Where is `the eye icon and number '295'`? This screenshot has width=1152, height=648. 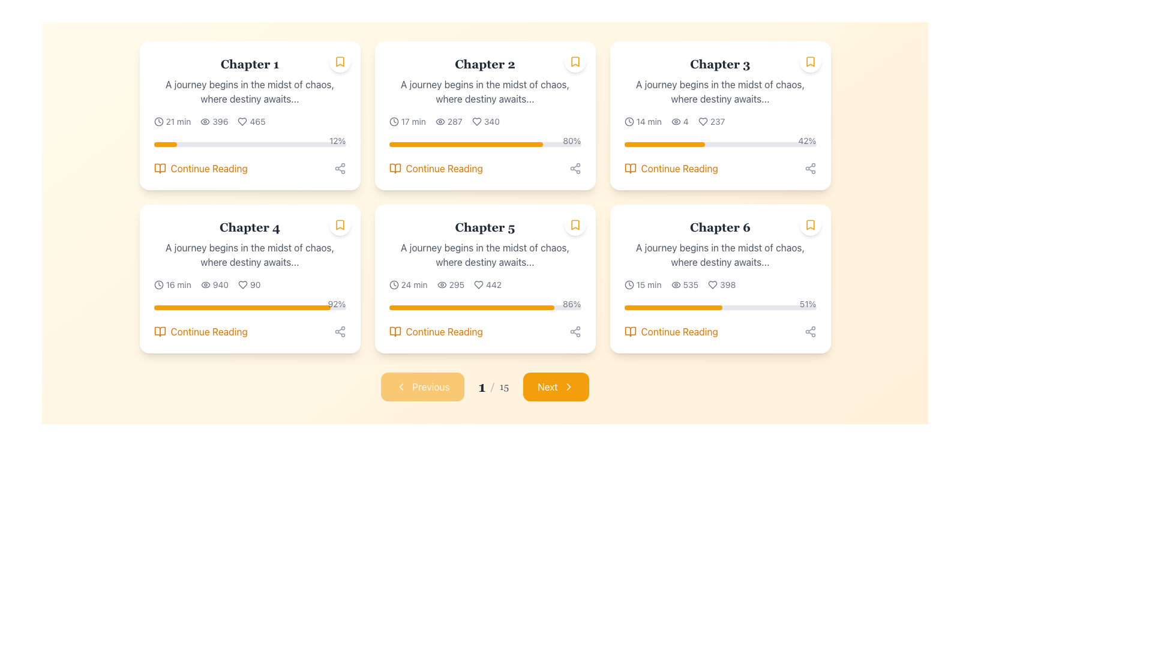
the eye icon and number '295' is located at coordinates (450, 284).